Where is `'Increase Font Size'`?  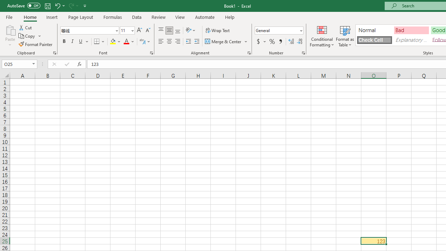 'Increase Font Size' is located at coordinates (139, 30).